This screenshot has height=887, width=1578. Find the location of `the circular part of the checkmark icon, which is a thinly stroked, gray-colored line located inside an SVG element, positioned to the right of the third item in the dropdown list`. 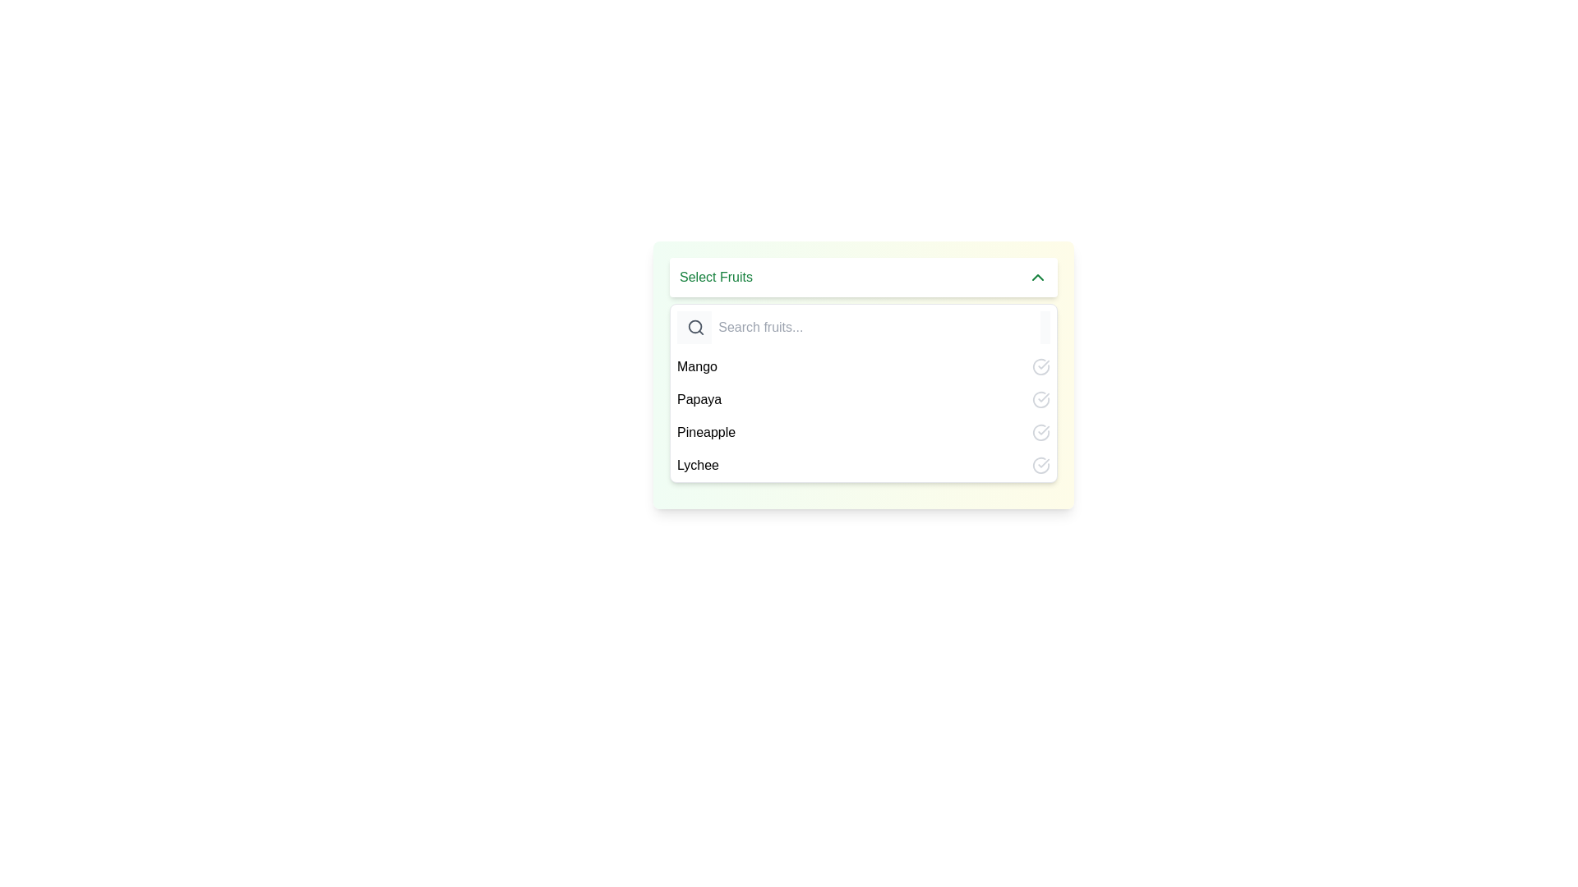

the circular part of the checkmark icon, which is a thinly stroked, gray-colored line located inside an SVG element, positioned to the right of the third item in the dropdown list is located at coordinates (1040, 366).